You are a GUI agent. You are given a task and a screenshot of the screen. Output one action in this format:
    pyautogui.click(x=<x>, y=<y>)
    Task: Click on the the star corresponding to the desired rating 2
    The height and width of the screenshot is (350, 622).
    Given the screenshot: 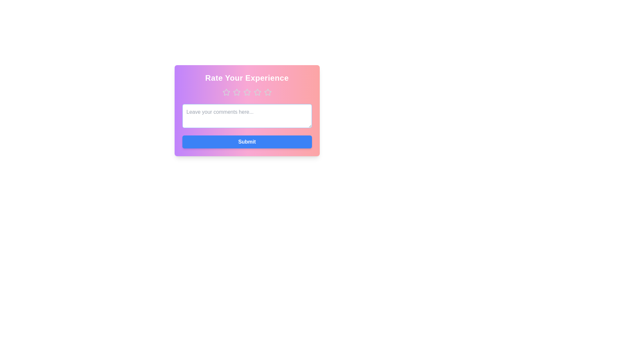 What is the action you would take?
    pyautogui.click(x=236, y=92)
    